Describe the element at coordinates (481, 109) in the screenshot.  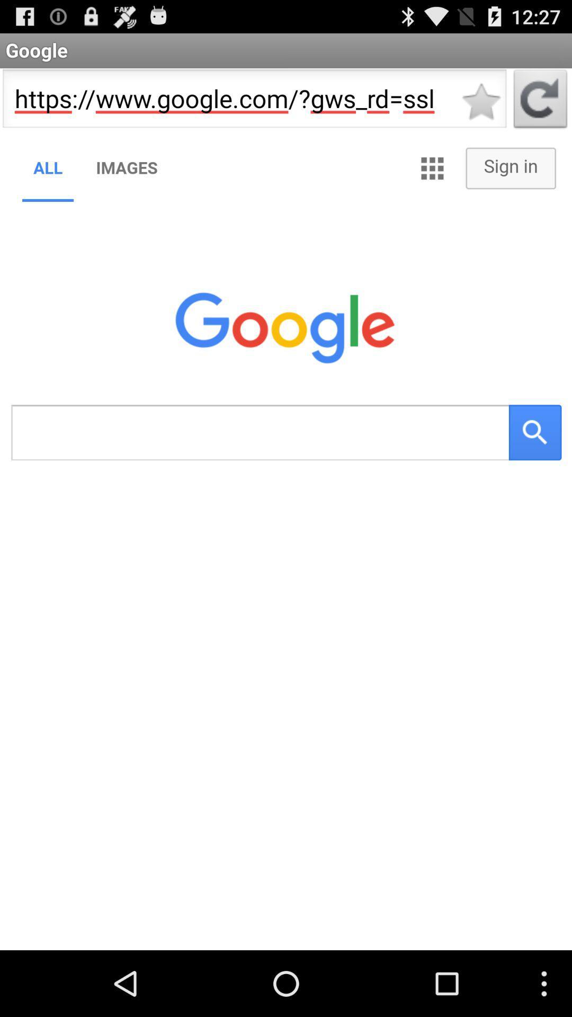
I see `the star icon` at that location.